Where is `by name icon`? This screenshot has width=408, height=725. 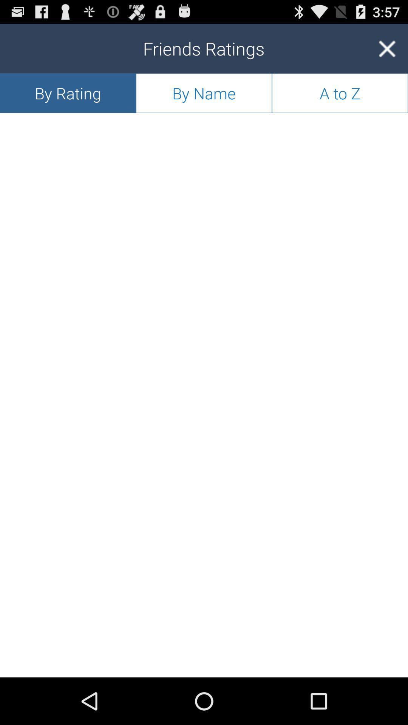 by name icon is located at coordinates (204, 93).